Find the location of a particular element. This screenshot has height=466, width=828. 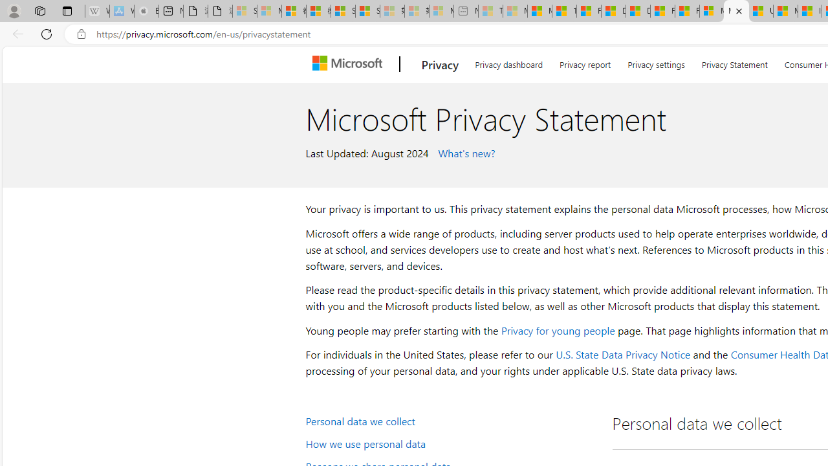

'Privacy for young people' is located at coordinates (558, 329).